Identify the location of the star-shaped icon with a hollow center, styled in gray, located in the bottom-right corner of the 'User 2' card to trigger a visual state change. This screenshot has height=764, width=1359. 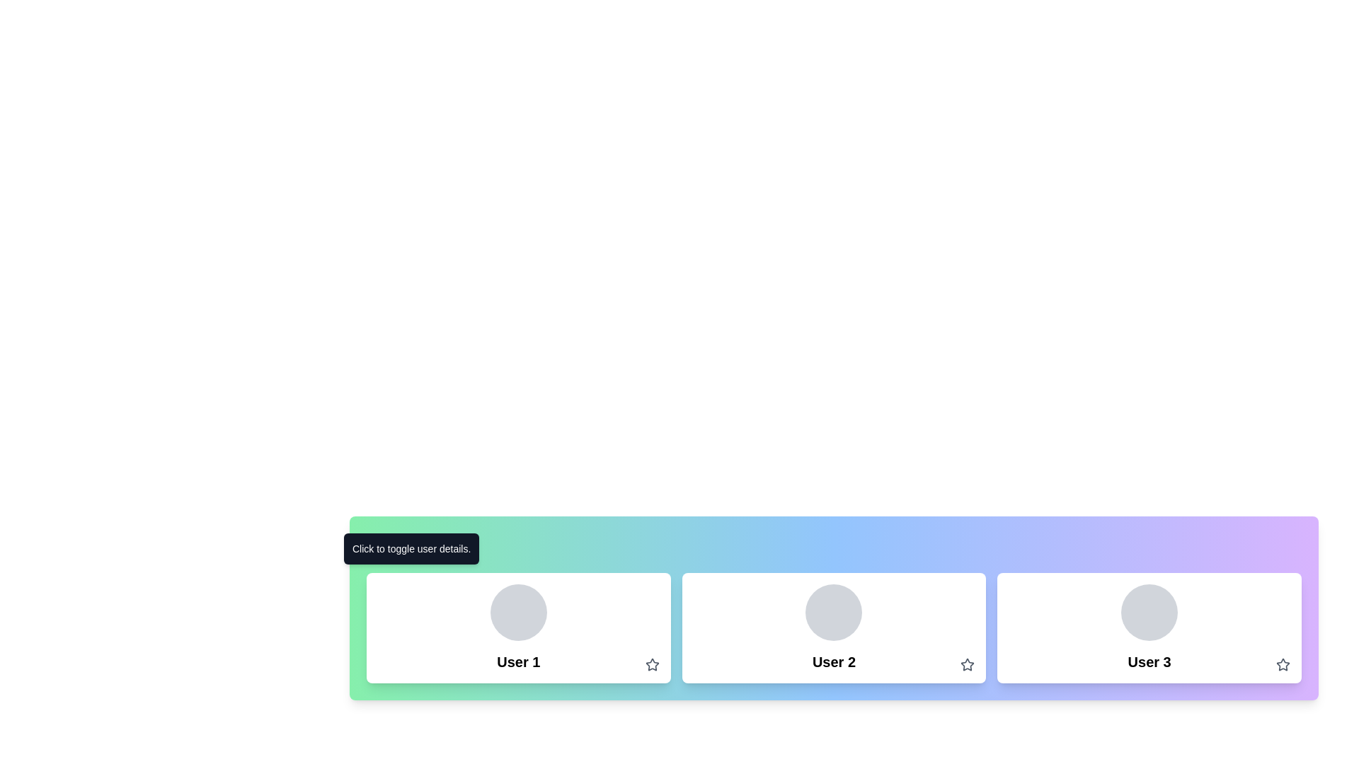
(967, 664).